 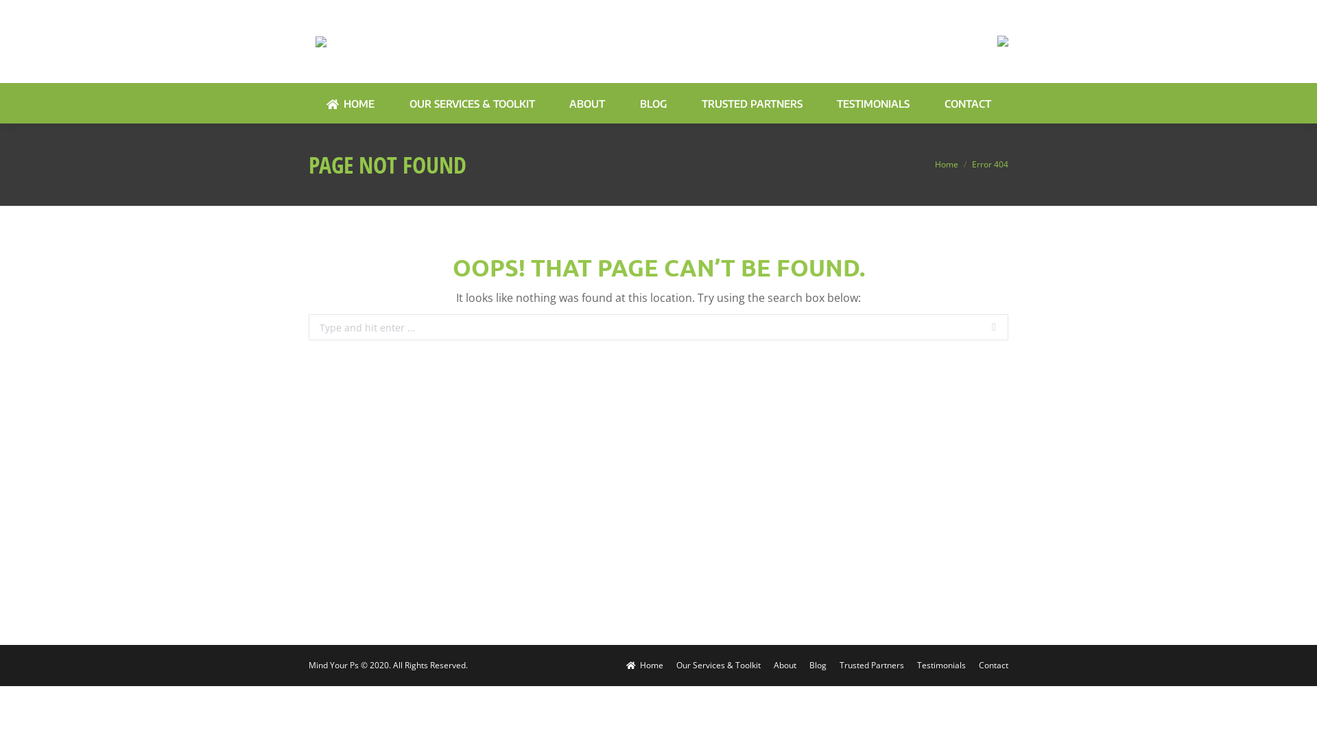 What do you see at coordinates (701, 103) in the screenshot?
I see `'TRUSTED PARTNERS'` at bounding box center [701, 103].